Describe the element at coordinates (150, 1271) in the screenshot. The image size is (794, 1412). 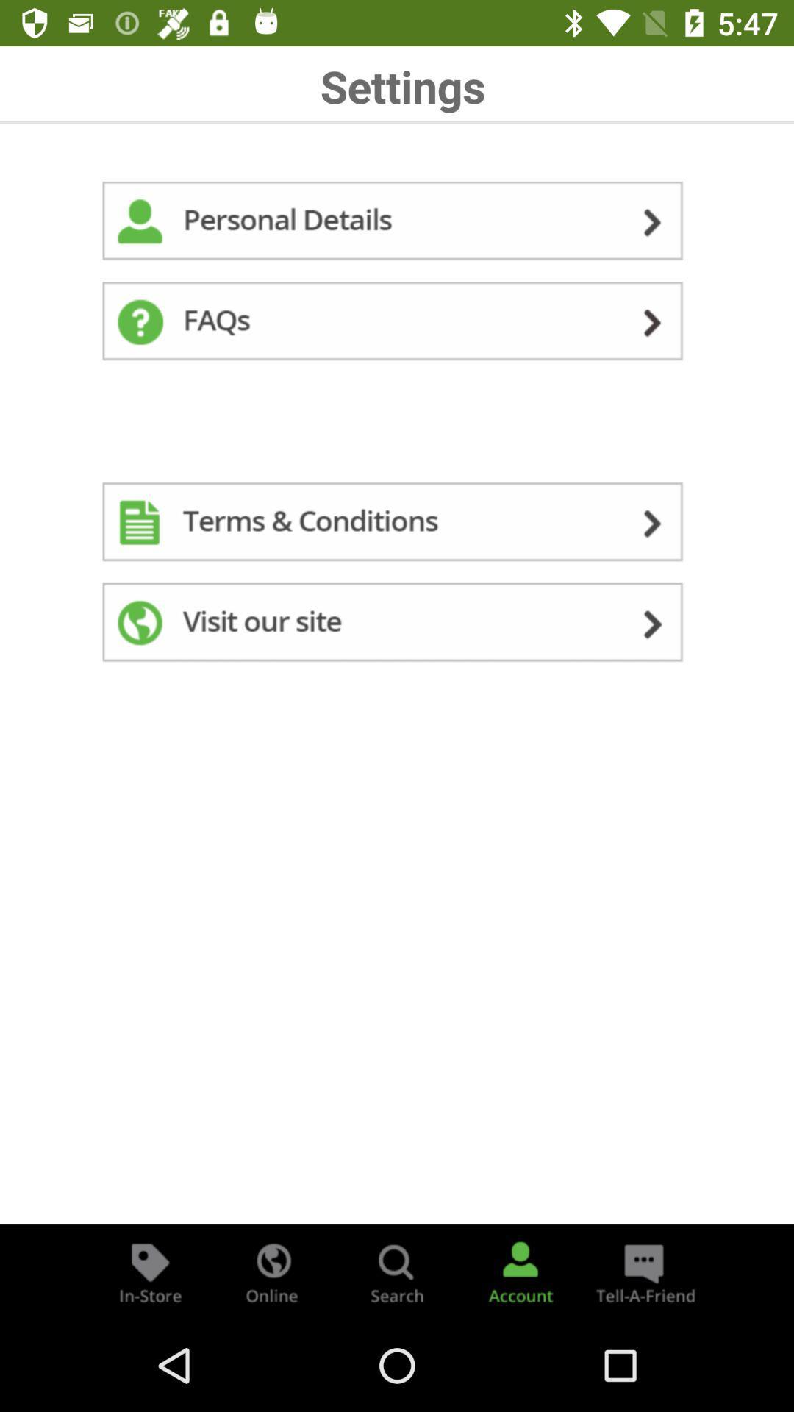
I see `the label icon` at that location.